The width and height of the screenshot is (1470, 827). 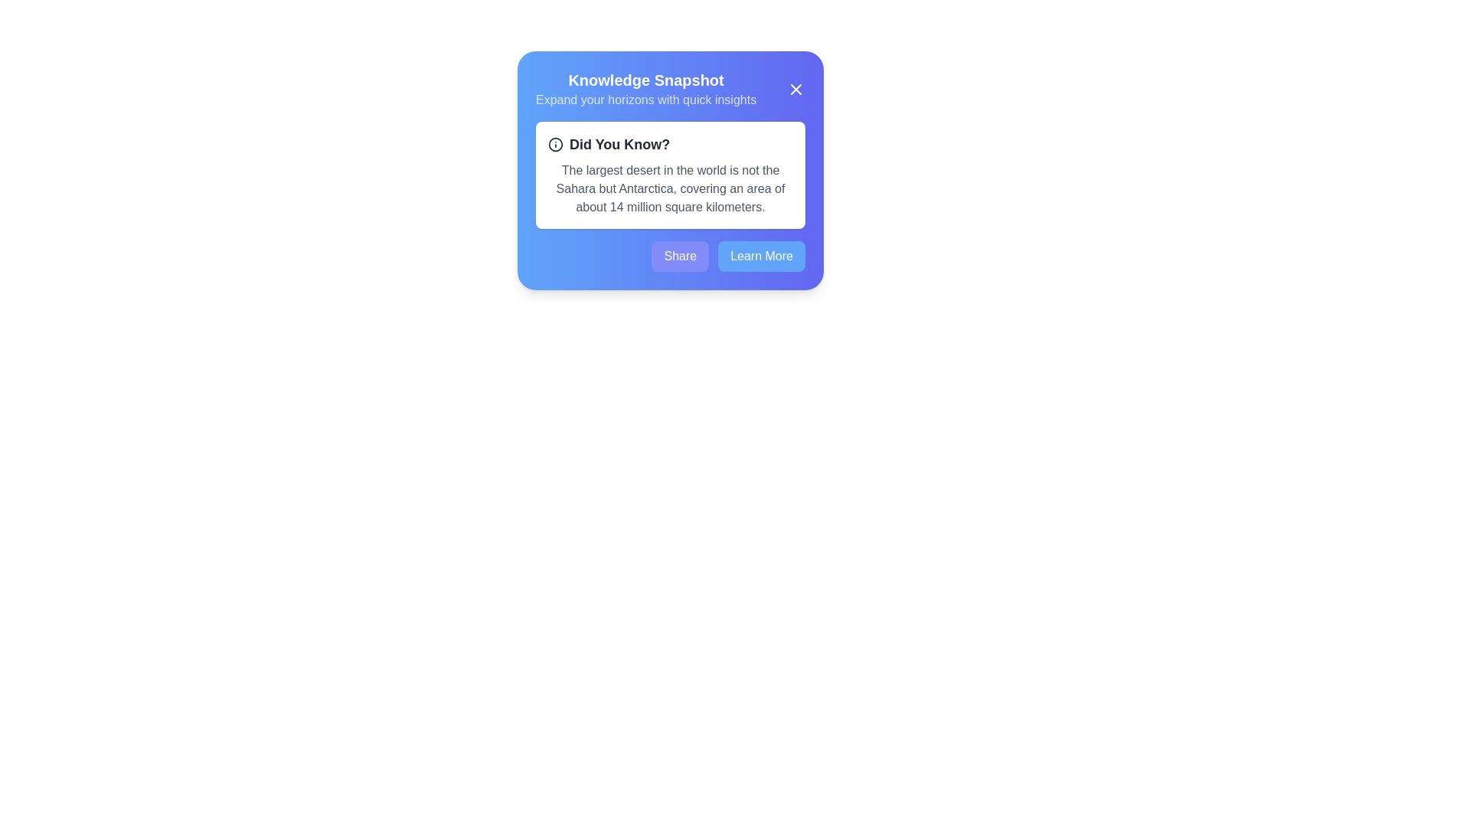 I want to click on the Close icon located in the top-right corner of the 'Knowledge Snapshot' card, so click(x=796, y=89).